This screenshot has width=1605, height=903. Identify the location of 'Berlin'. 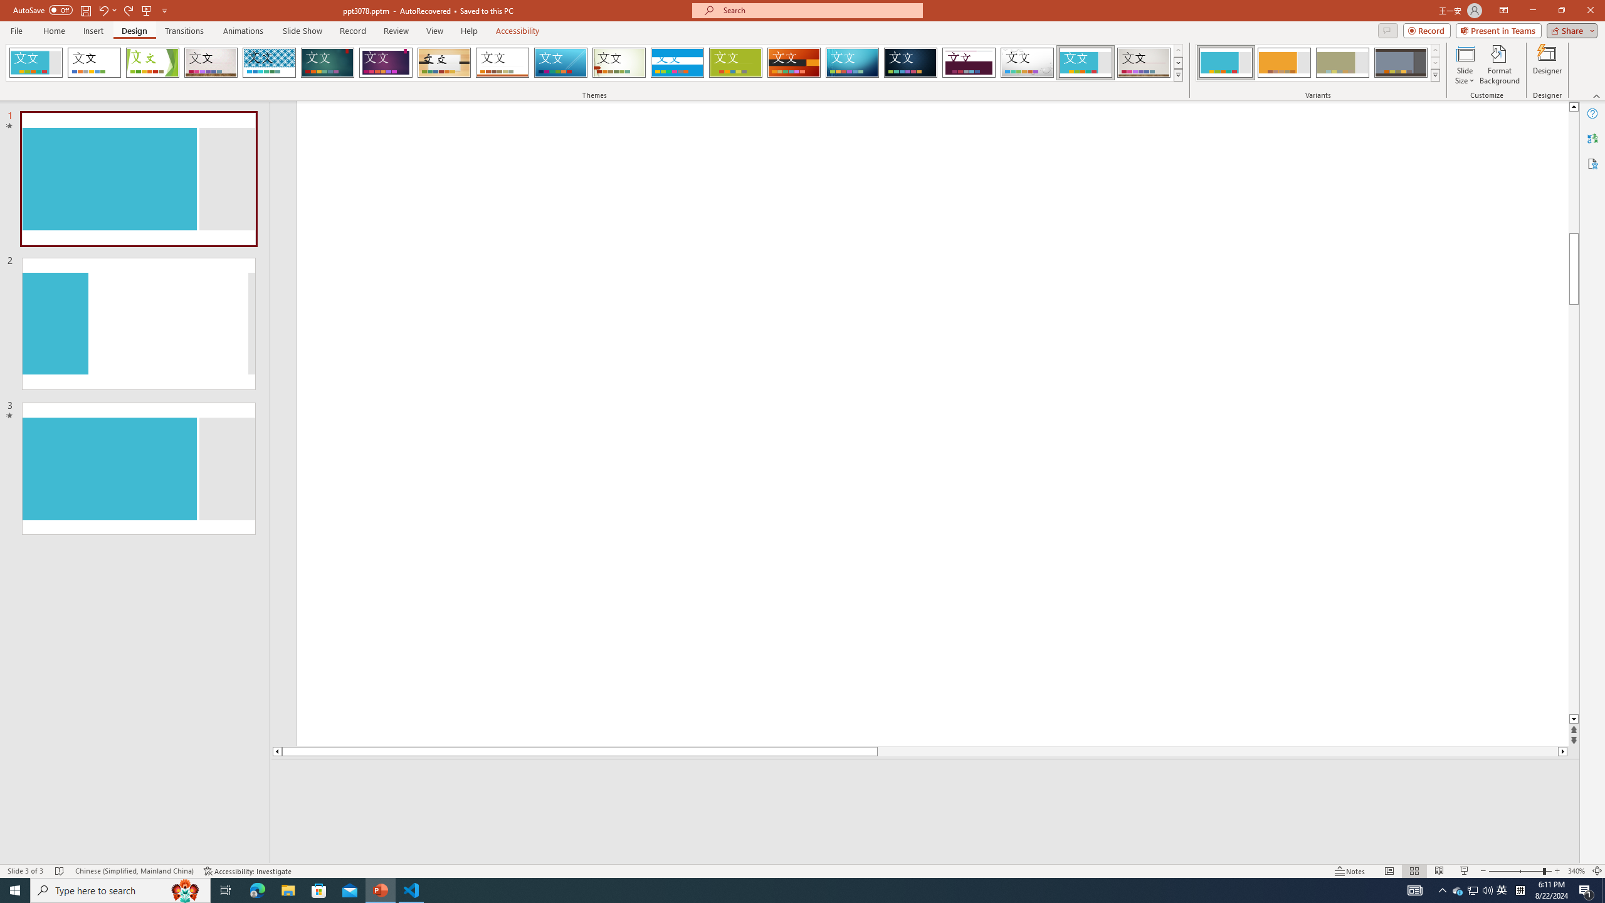
(794, 62).